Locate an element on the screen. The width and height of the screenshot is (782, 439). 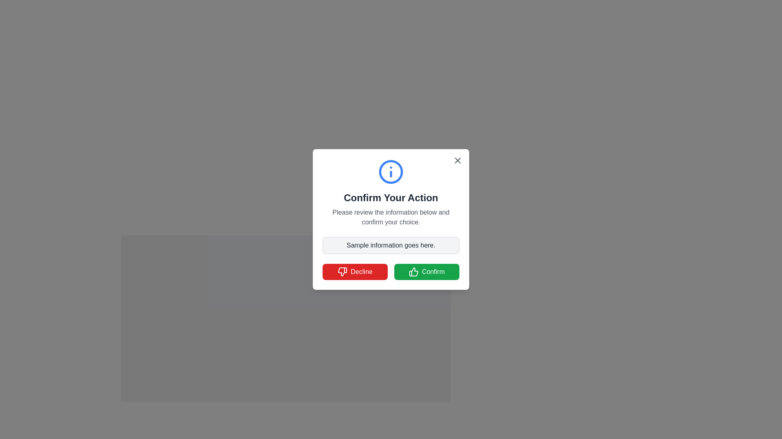
the 'X' icon button in the upper-right corner of the modal is located at coordinates (457, 160).